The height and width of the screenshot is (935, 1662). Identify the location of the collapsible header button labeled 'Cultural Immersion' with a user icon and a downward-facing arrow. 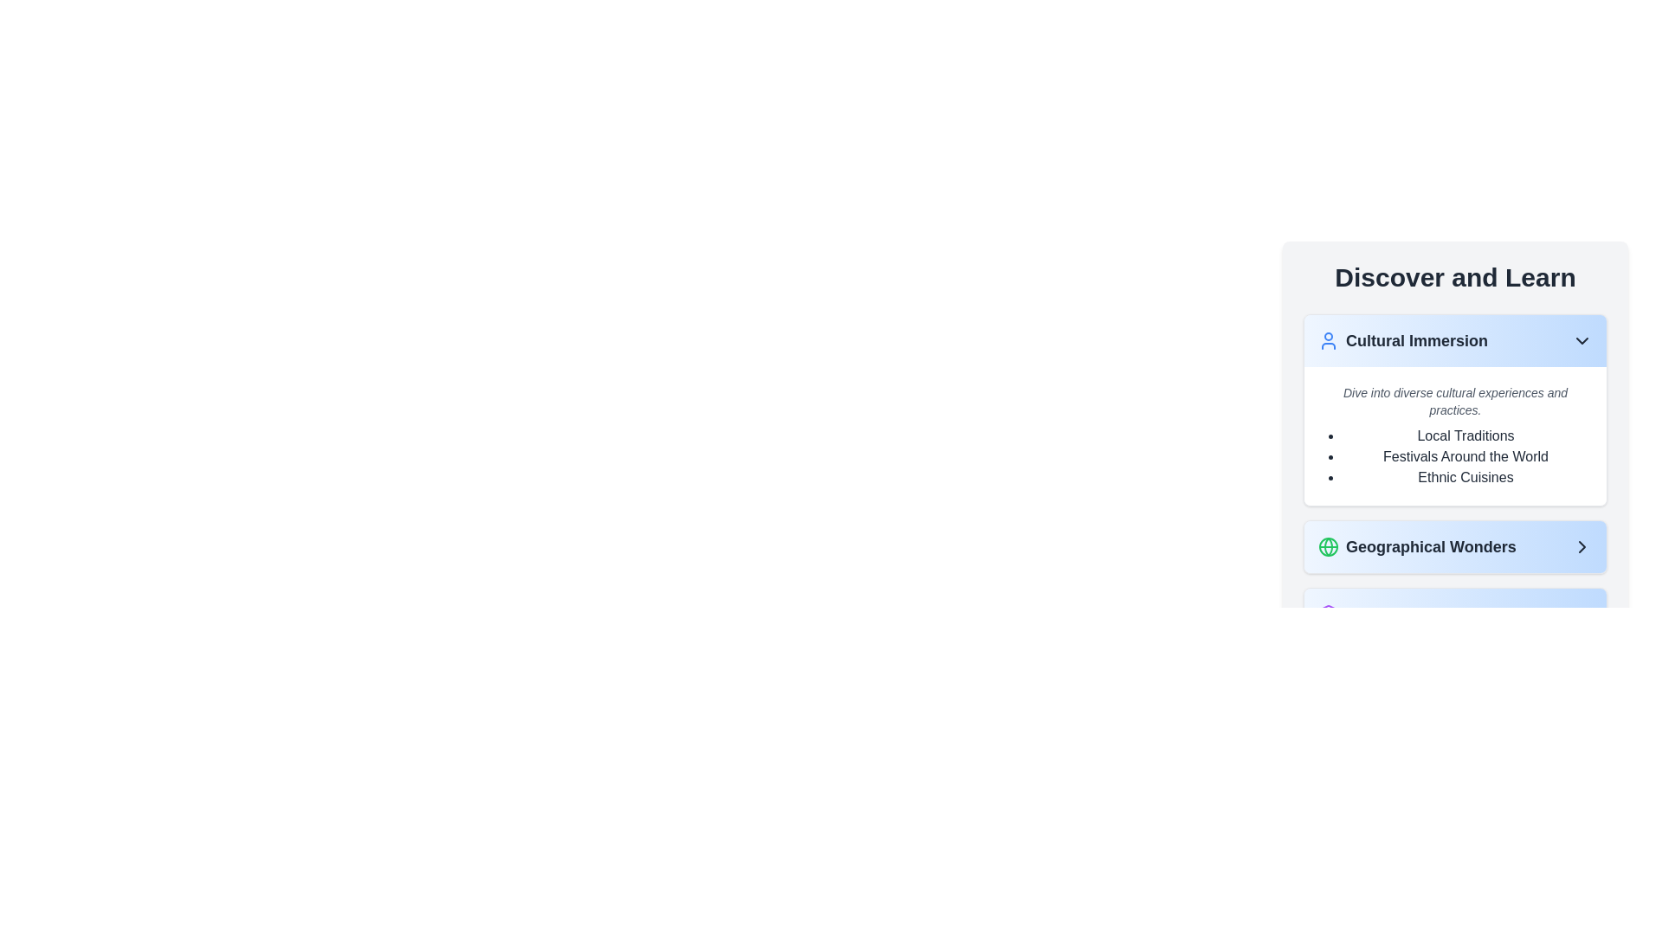
(1454, 340).